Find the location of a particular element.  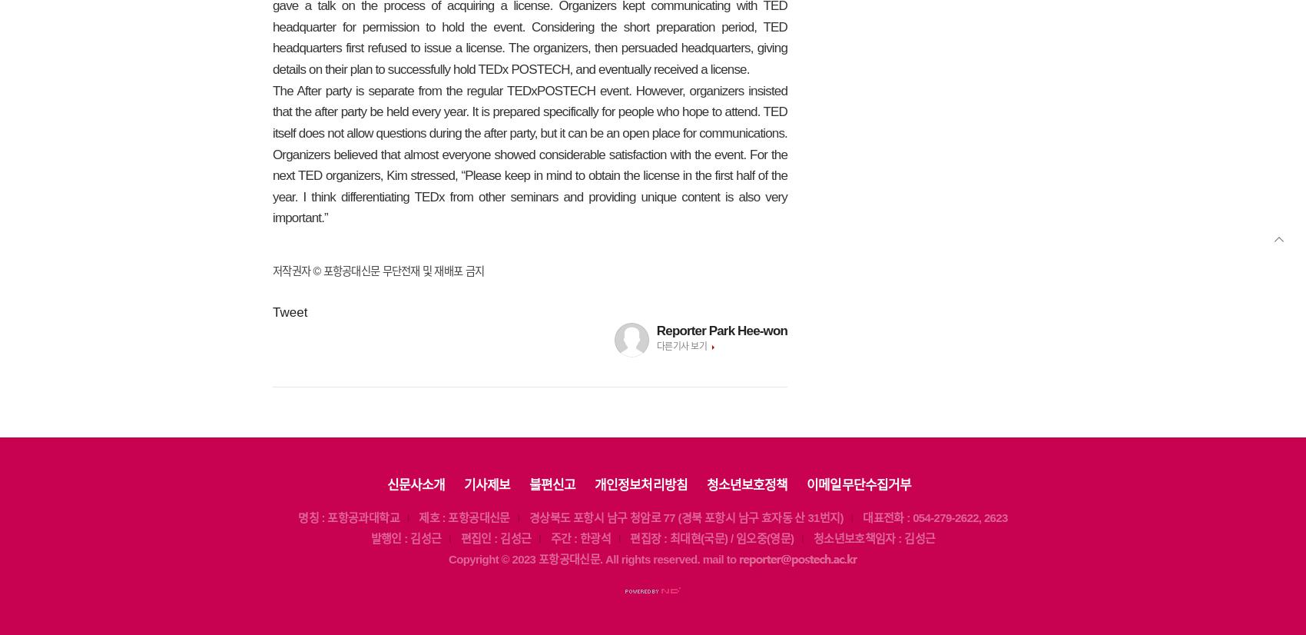

'편집장 :' is located at coordinates (648, 537).